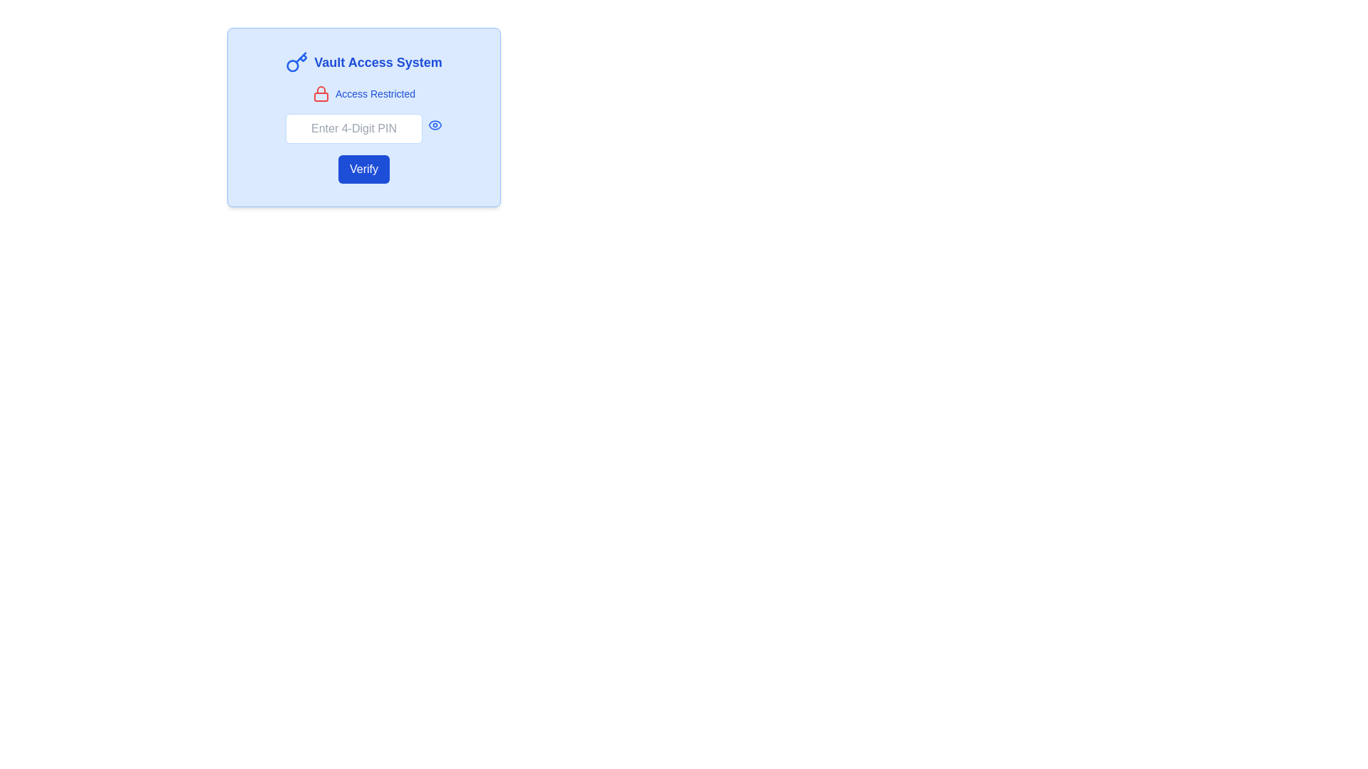 Image resolution: width=1368 pixels, height=769 pixels. I want to click on the red lock icon located to the left of the 'Access Restricted' text, so click(321, 93).